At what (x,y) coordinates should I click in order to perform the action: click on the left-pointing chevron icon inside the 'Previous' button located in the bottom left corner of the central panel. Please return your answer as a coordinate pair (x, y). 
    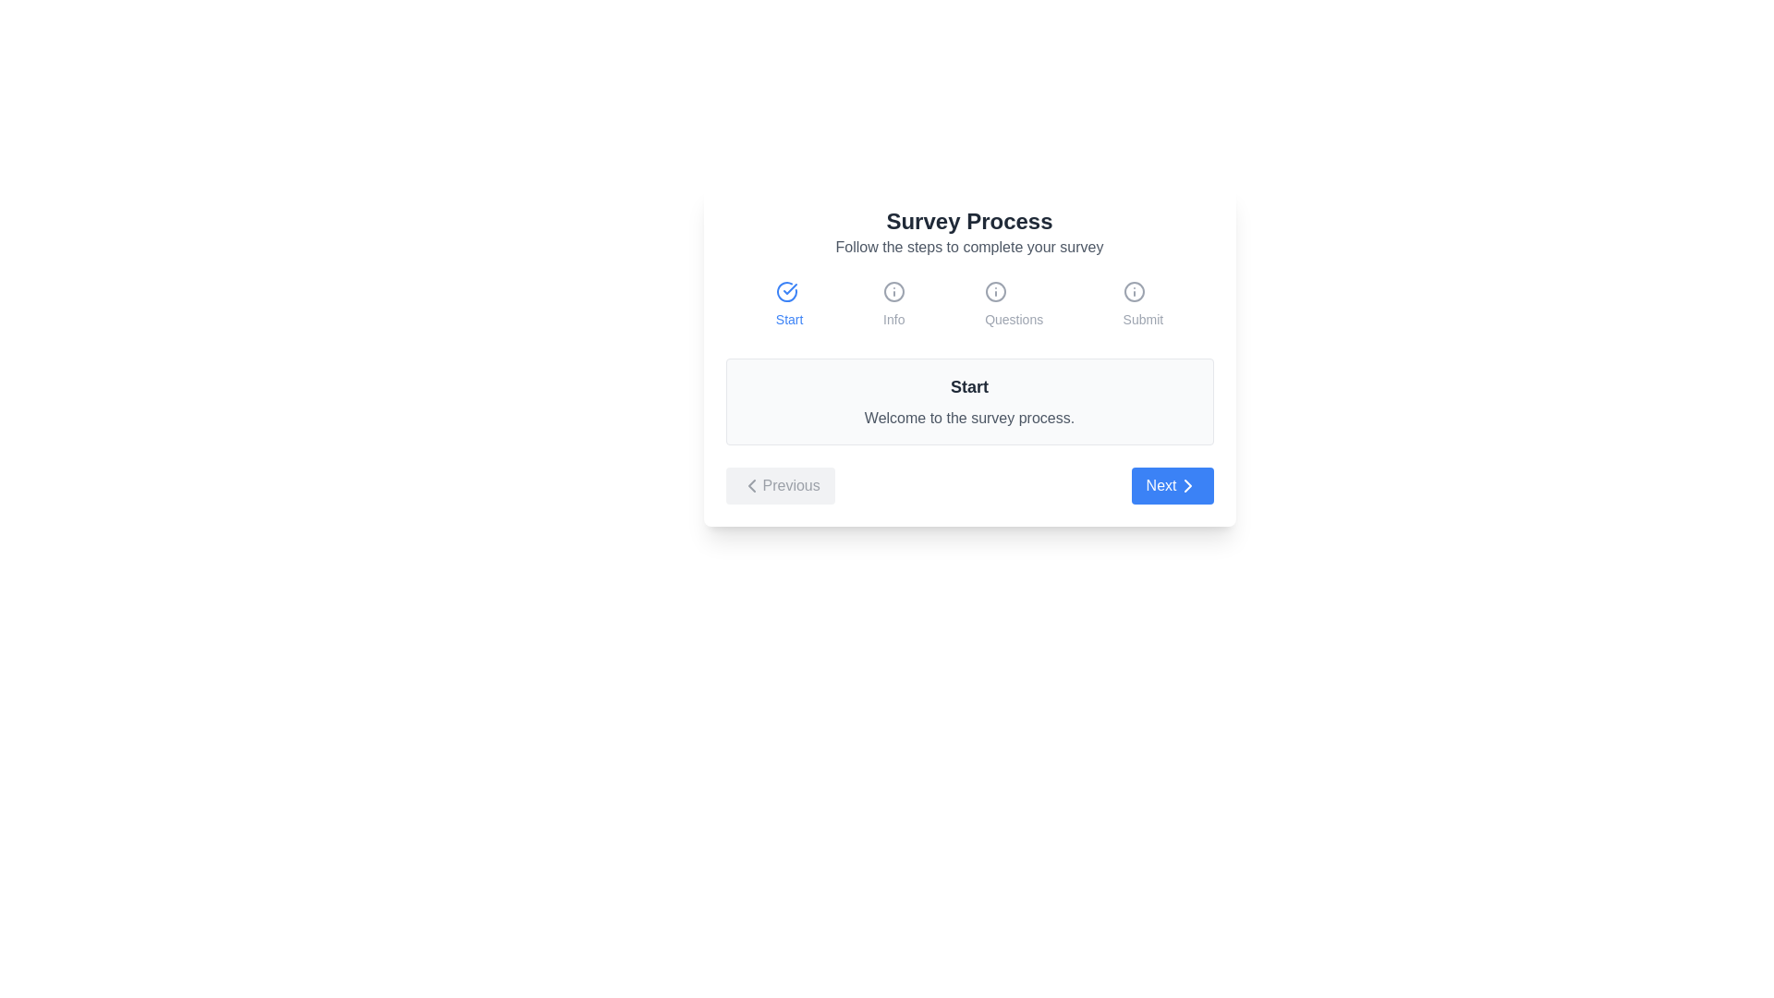
    Looking at the image, I should click on (751, 484).